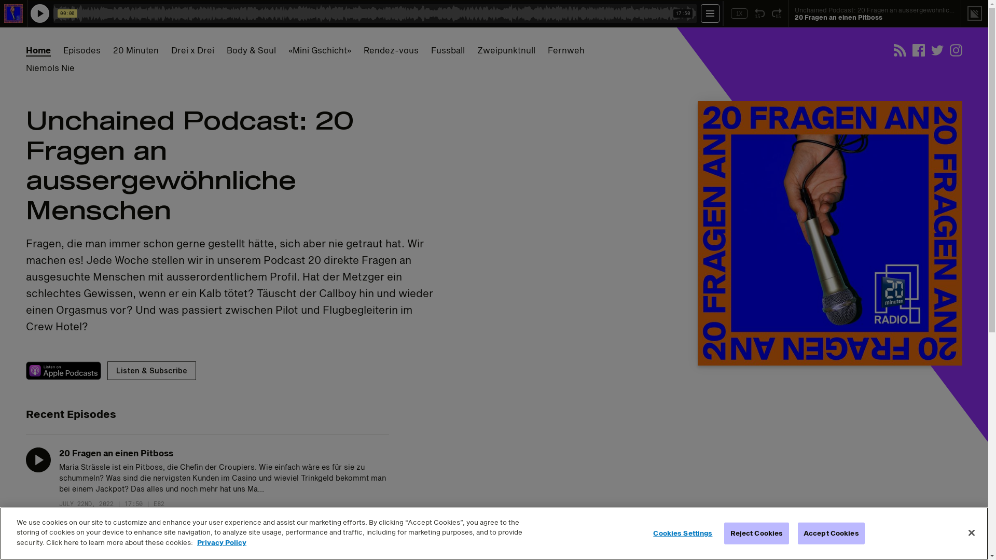 The image size is (996, 560). Describe the element at coordinates (135, 50) in the screenshot. I see `'20 Minuten'` at that location.